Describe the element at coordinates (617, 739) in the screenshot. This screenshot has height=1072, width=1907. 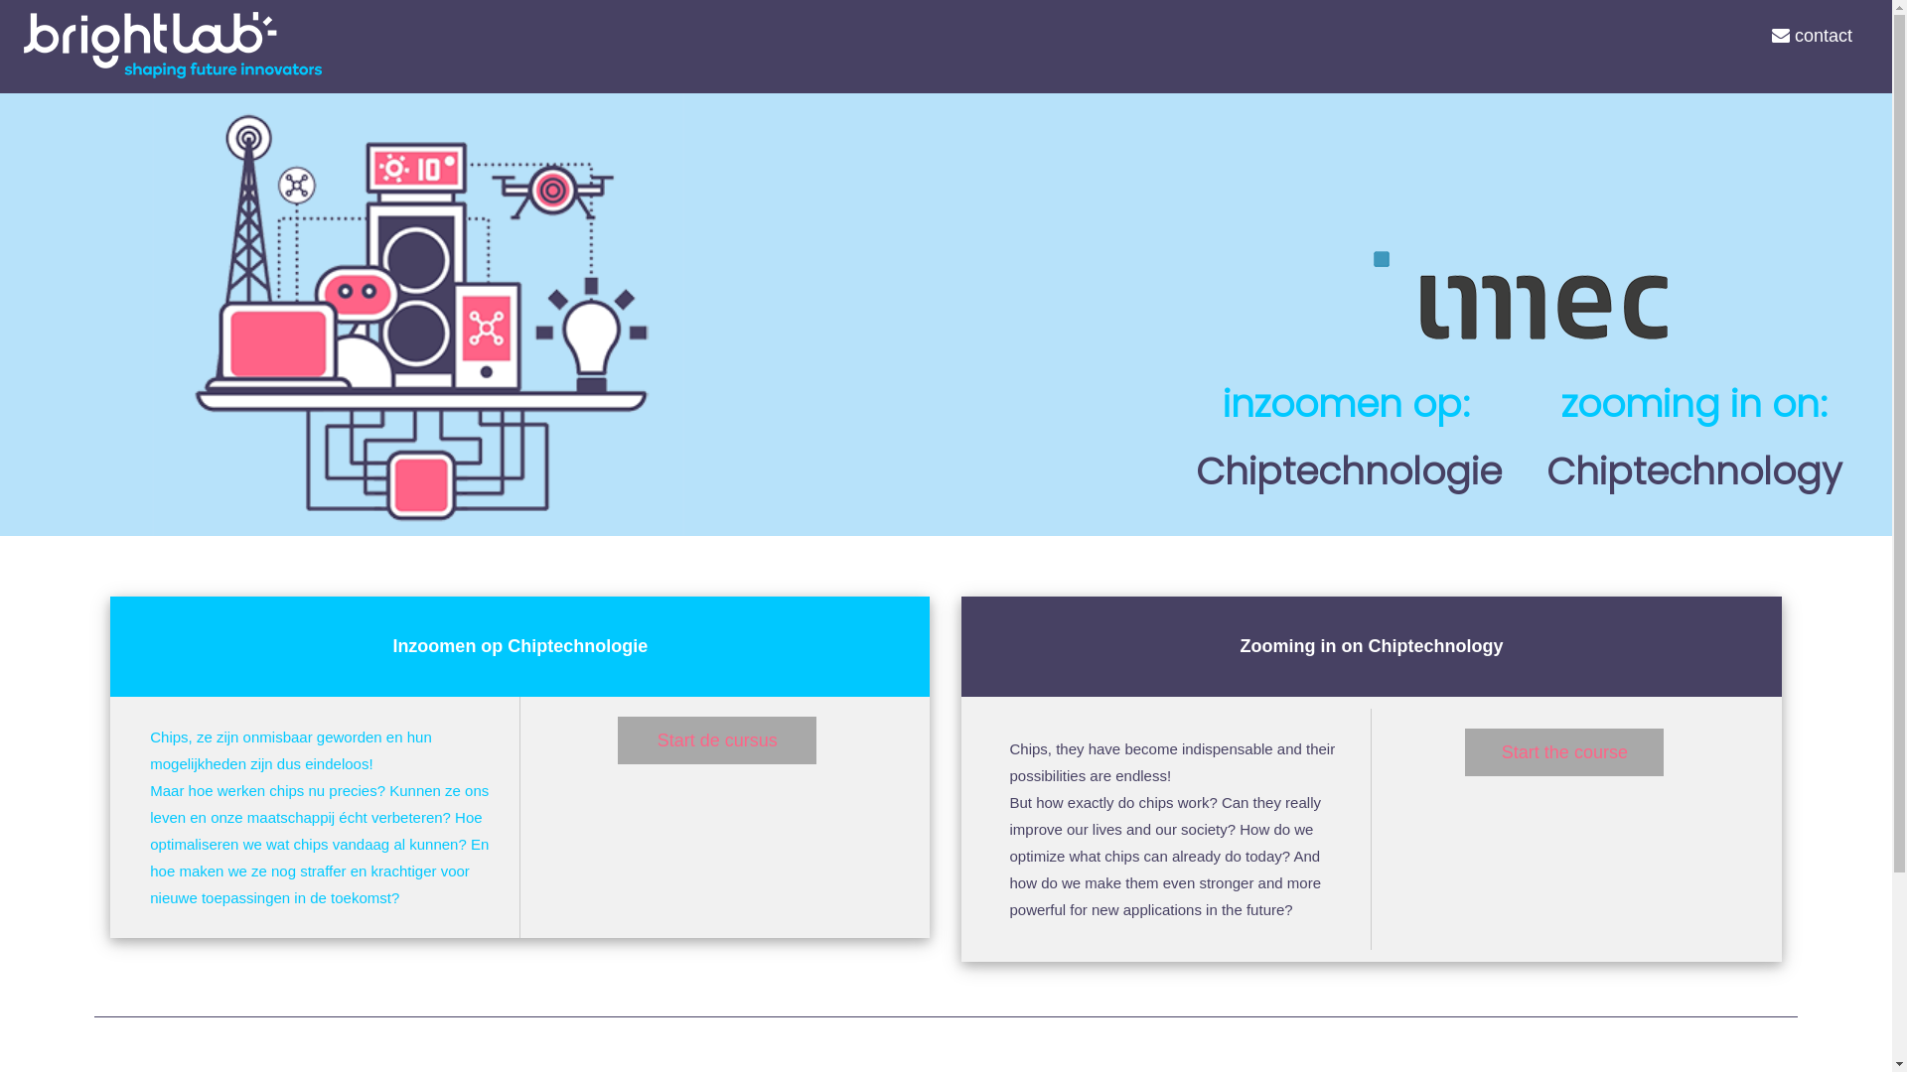
I see `'Start de cursus'` at that location.